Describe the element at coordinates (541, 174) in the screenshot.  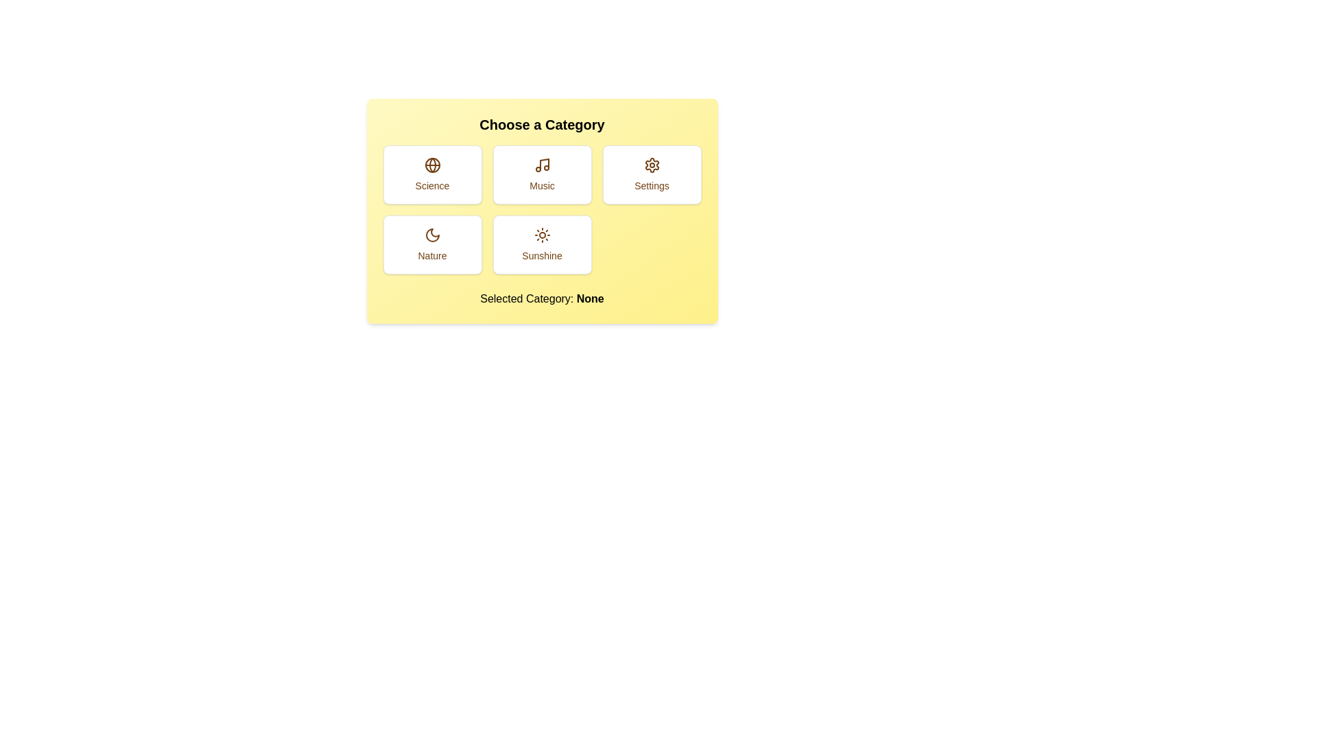
I see `the 'Music' category button, which is the second button in the first row of a grid layout containing six buttons` at that location.